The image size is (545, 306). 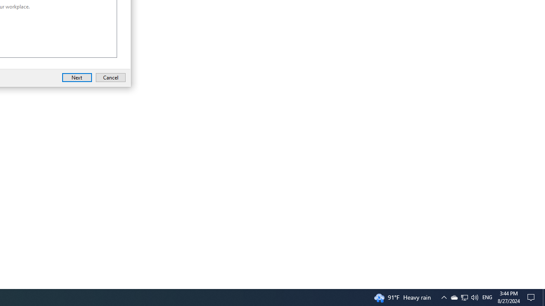 What do you see at coordinates (110, 77) in the screenshot?
I see `'Cancel'` at bounding box center [110, 77].